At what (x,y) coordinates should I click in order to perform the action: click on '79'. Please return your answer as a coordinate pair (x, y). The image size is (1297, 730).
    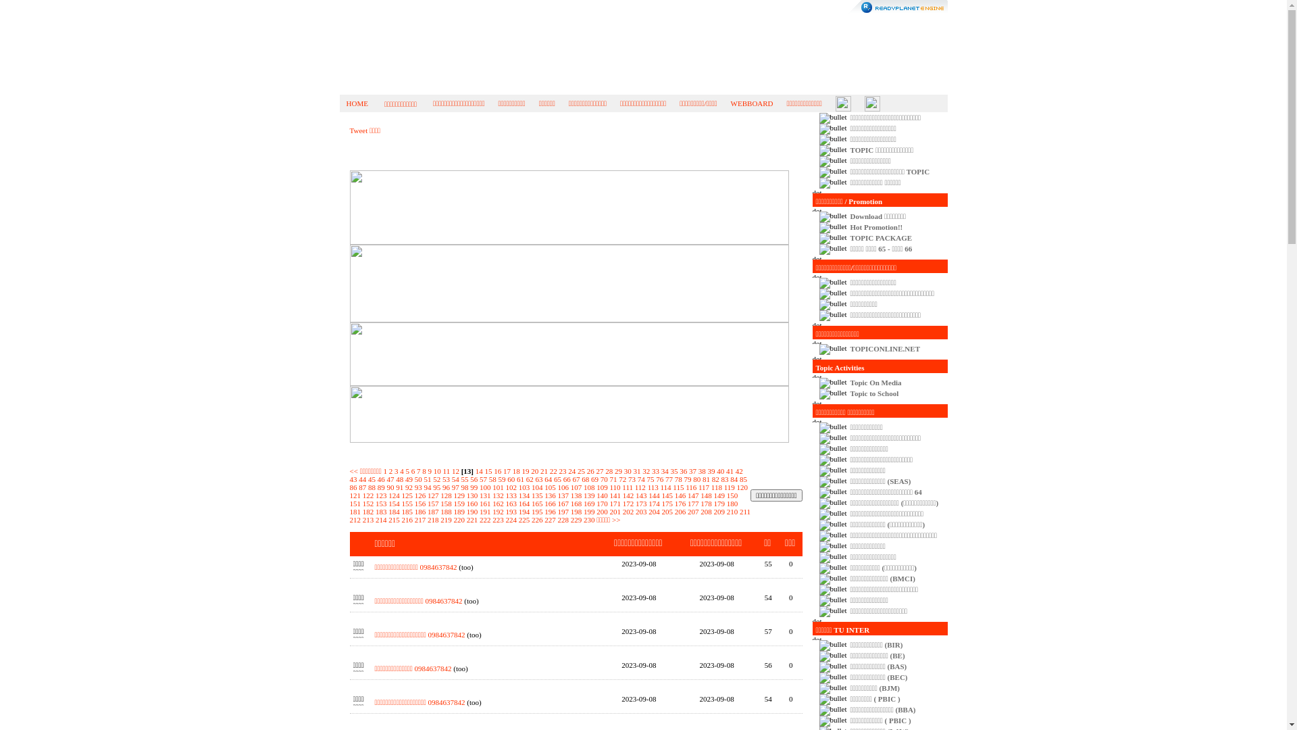
    Looking at the image, I should click on (687, 479).